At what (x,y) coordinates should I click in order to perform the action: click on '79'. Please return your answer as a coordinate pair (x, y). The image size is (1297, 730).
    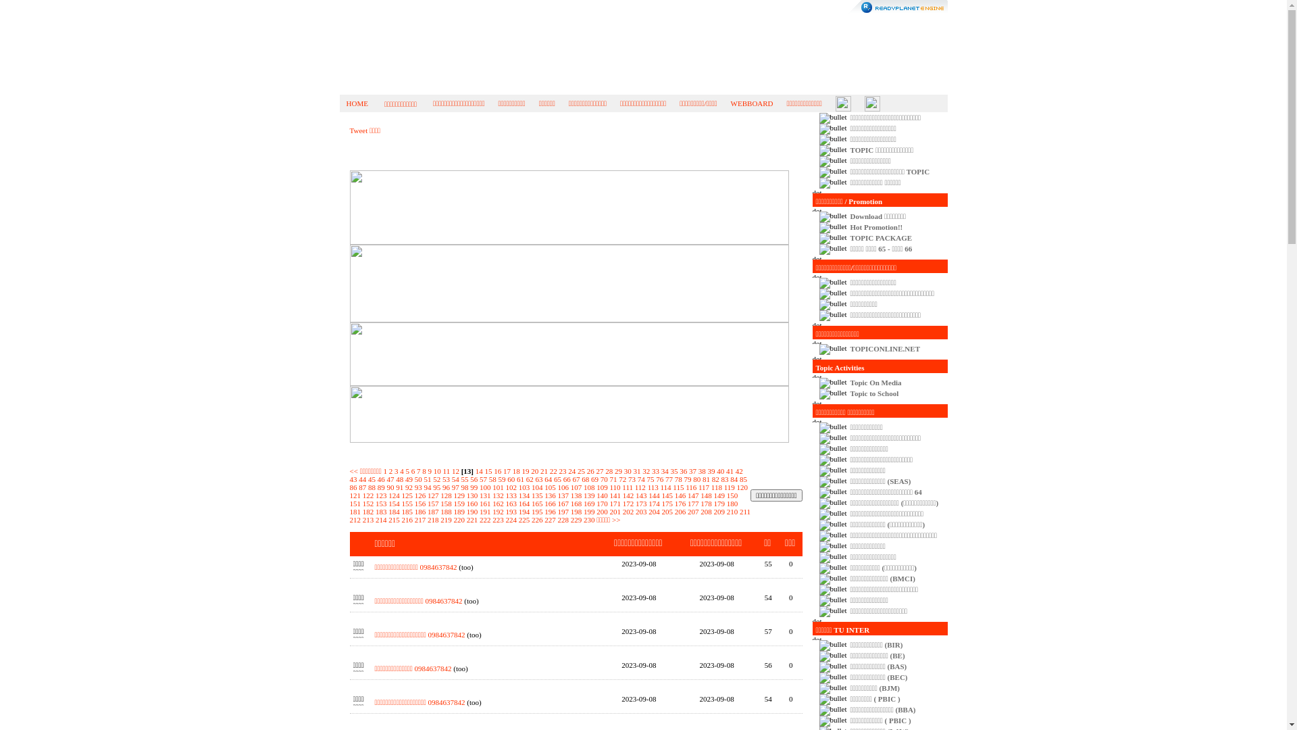
    Looking at the image, I should click on (687, 479).